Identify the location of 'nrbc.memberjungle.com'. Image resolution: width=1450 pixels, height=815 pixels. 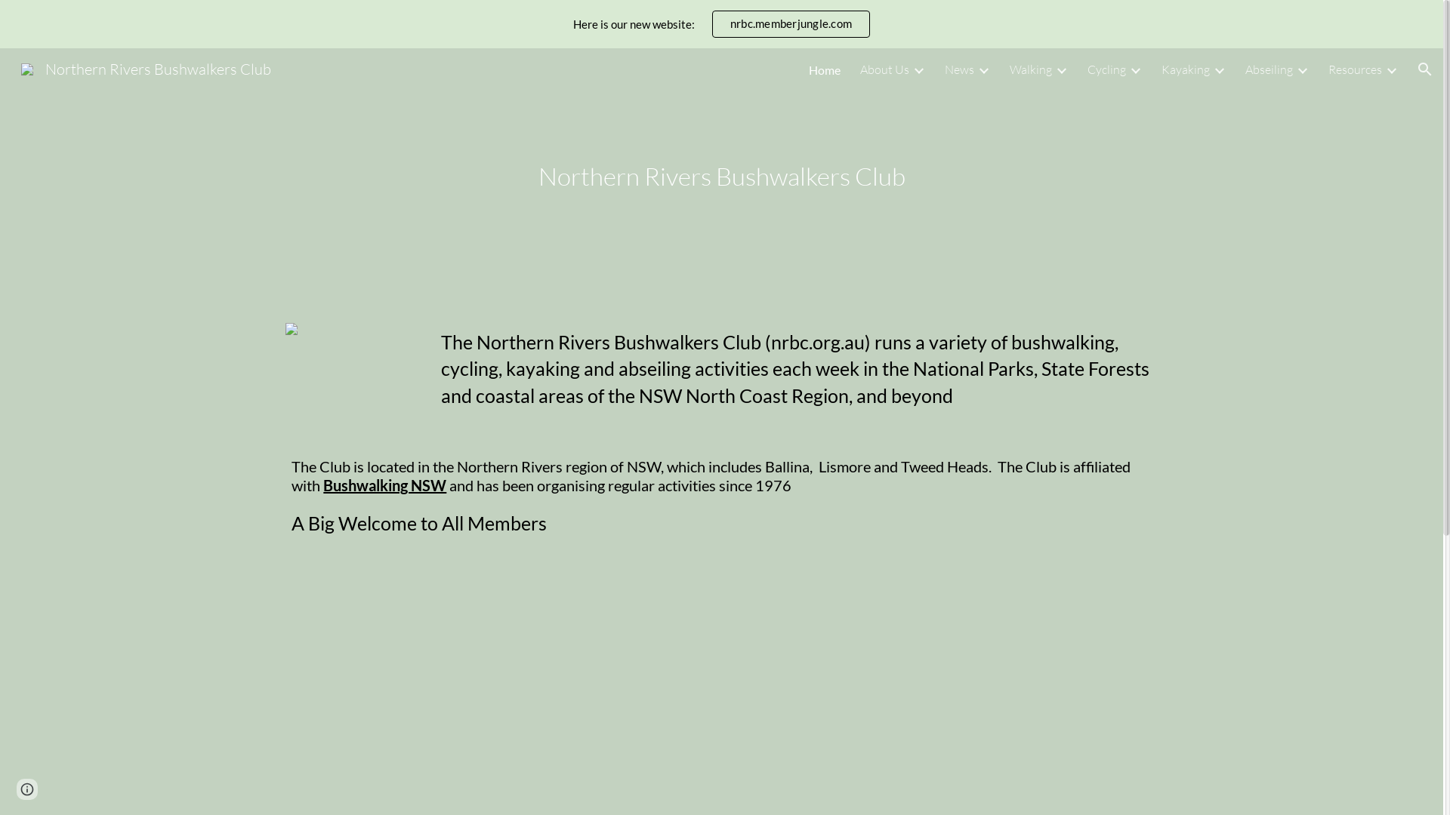
(790, 23).